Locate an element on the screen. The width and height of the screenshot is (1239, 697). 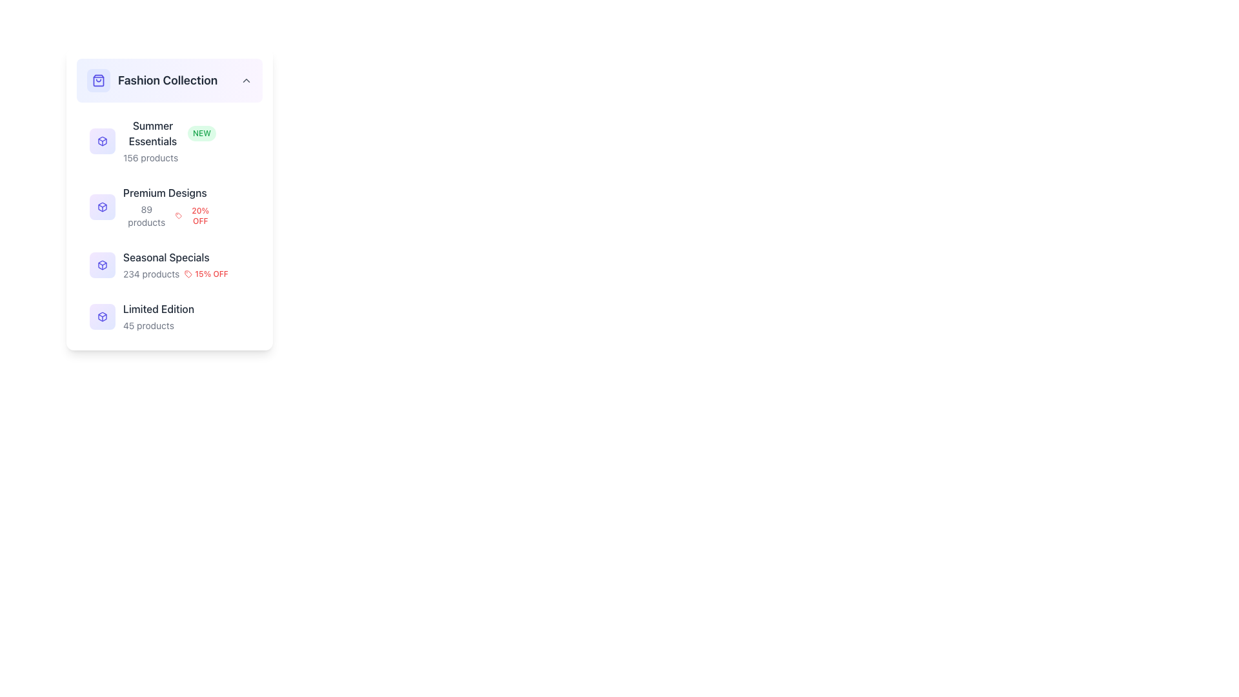
displayed information from the 'Limited Edition' text label, which indicates the number of products available in this category, located below 'Seasonal Specials' in the vertical list under 'Fashion Collection' is located at coordinates (169, 316).